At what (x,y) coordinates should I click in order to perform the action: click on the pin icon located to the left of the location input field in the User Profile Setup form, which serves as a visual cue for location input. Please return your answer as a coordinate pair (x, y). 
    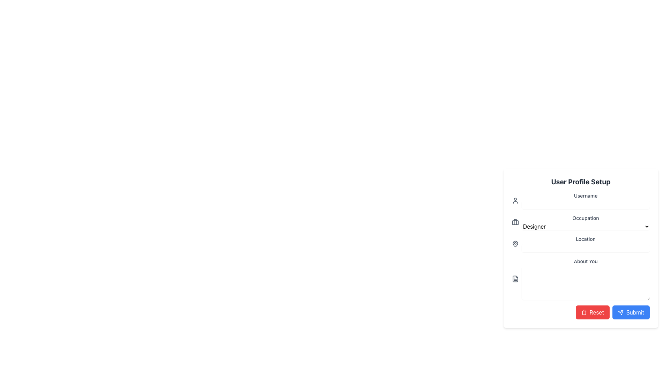
    Looking at the image, I should click on (515, 243).